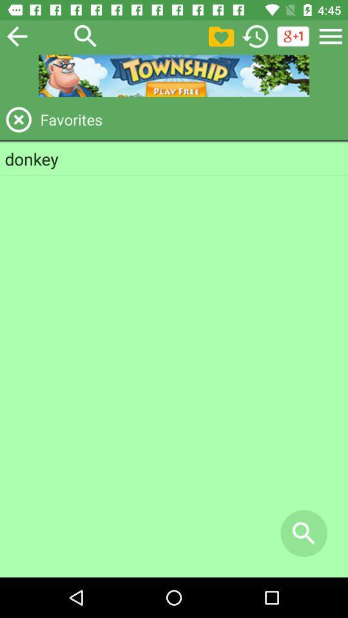 Image resolution: width=348 pixels, height=618 pixels. What do you see at coordinates (86, 35) in the screenshot?
I see `search what we want` at bounding box center [86, 35].